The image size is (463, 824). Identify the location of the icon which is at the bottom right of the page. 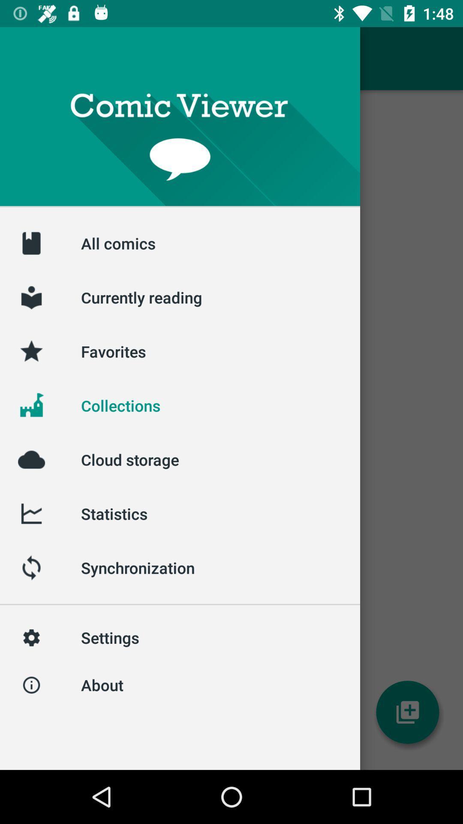
(407, 712).